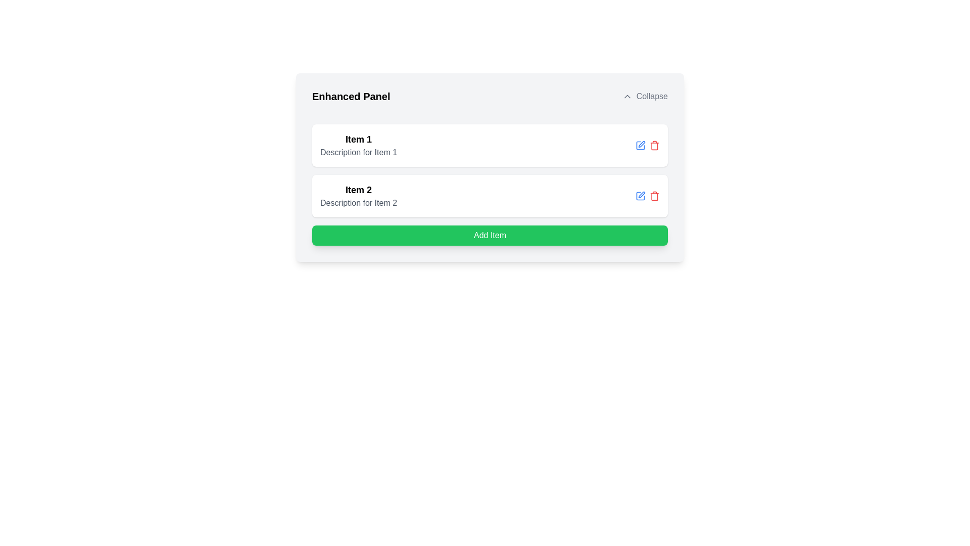 This screenshot has height=546, width=970. I want to click on the trash icon, which appears as a red icon with a trash bin shape, so click(655, 196).